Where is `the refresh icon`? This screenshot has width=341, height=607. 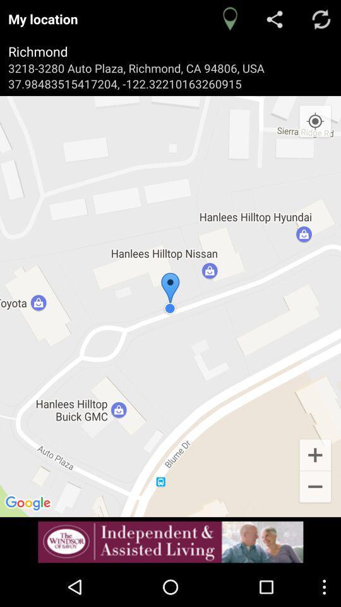
the refresh icon is located at coordinates (321, 20).